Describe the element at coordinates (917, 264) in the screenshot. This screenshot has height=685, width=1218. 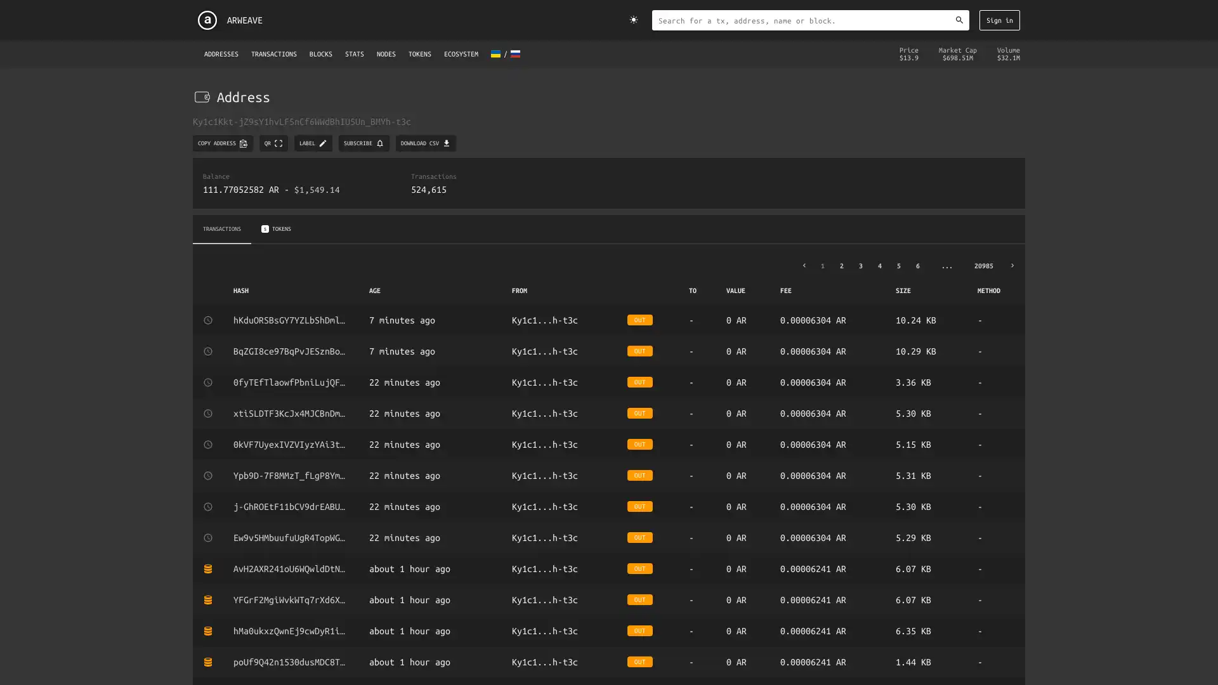
I see `Page 6` at that location.